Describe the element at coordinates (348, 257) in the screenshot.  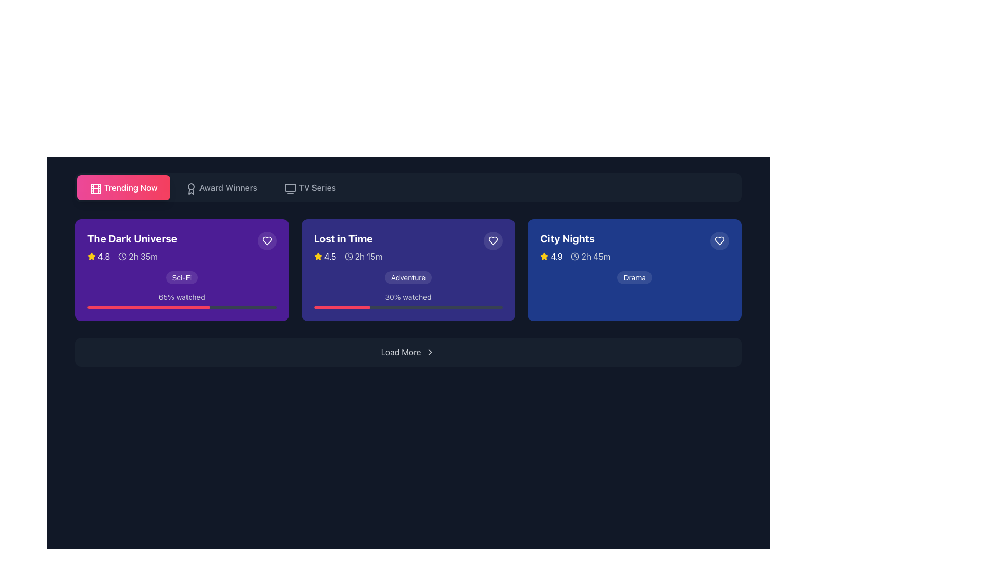
I see `the time duration icon located in the 'Lost in Time' card, which indicates the duration of the associated content and is positioned to the left of the text '2h 15m'` at that location.